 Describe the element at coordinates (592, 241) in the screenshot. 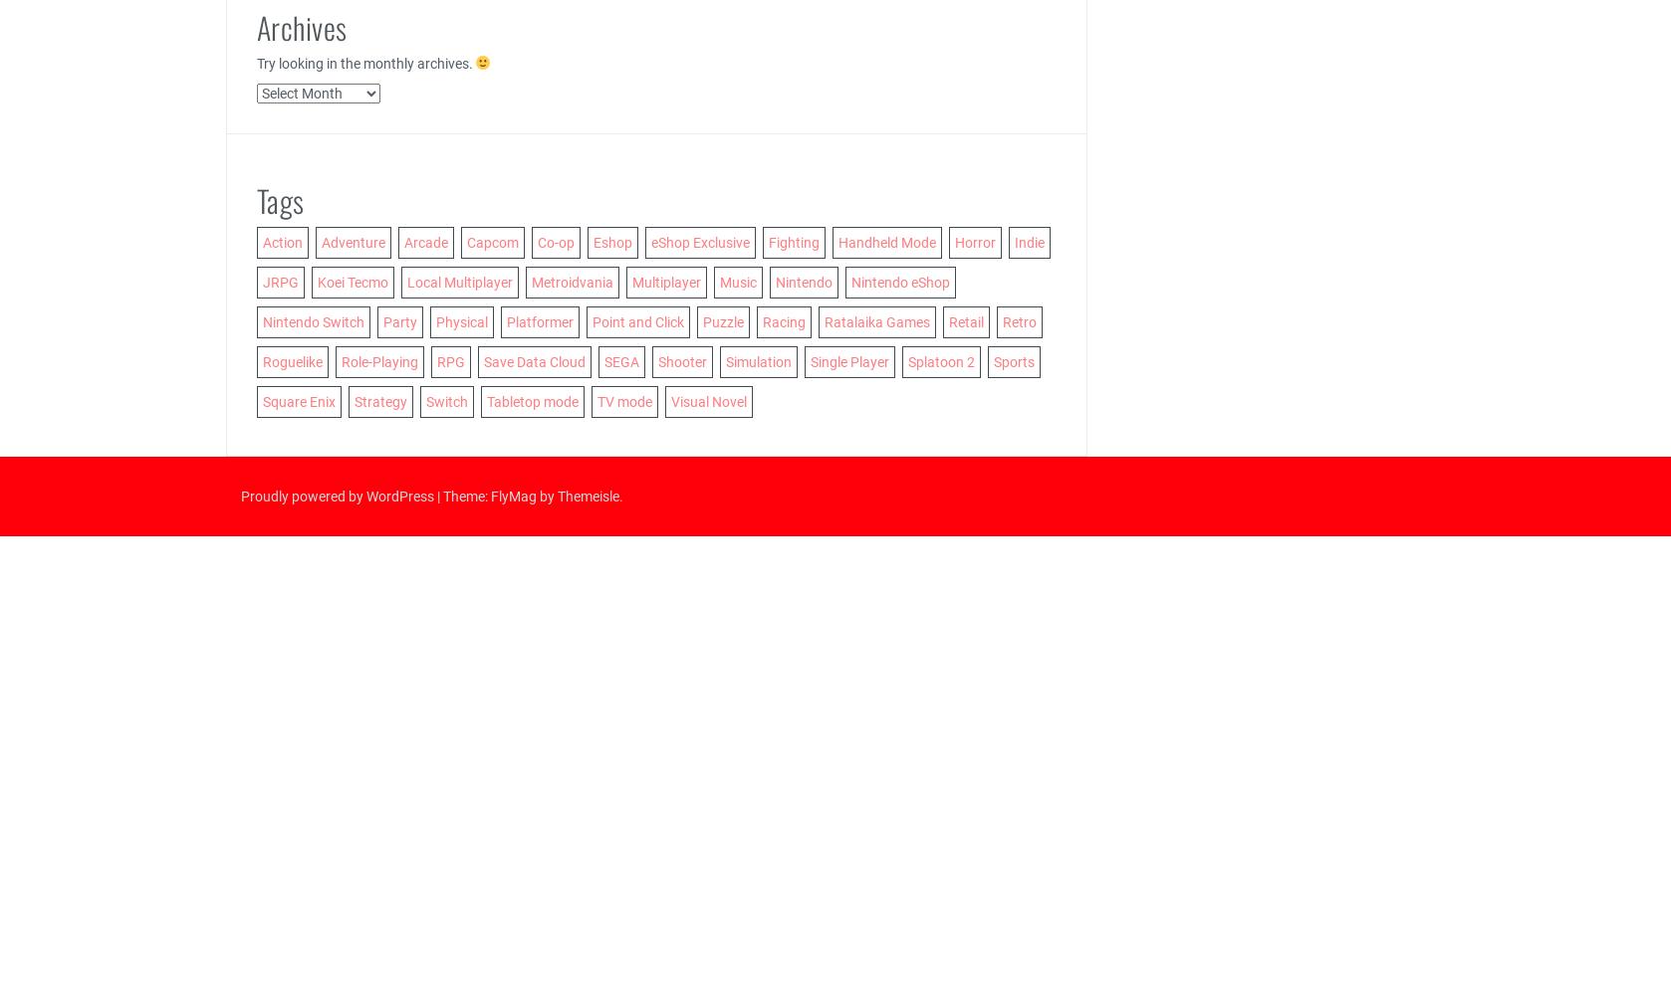

I see `'Eshop'` at that location.